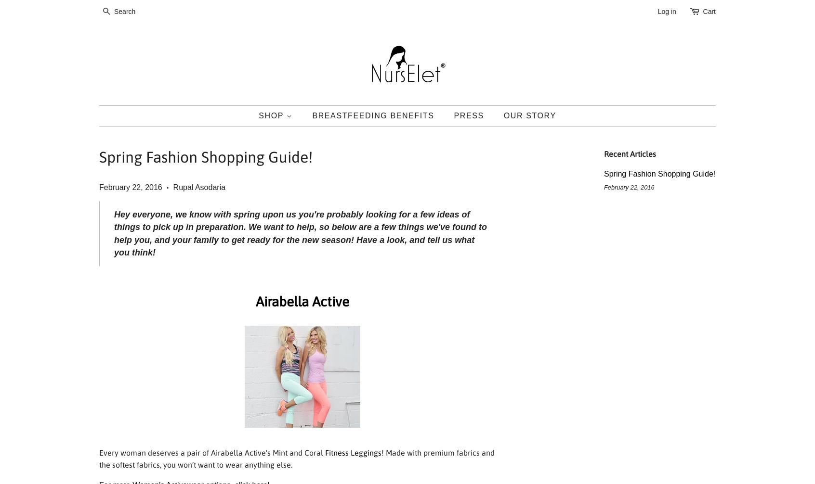  What do you see at coordinates (272, 115) in the screenshot?
I see `'Shop'` at bounding box center [272, 115].